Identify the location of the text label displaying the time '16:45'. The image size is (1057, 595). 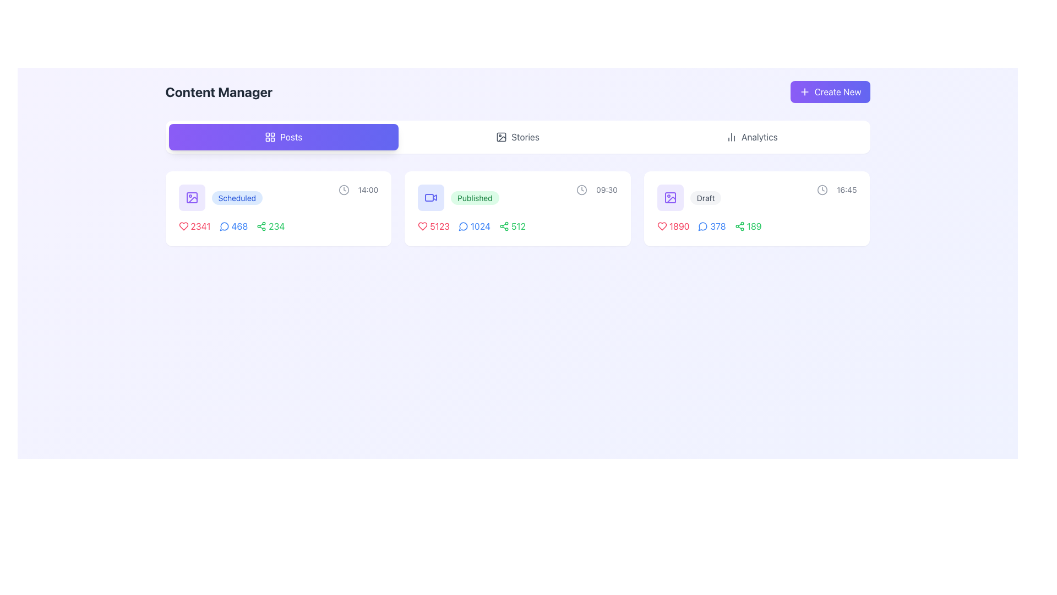
(846, 189).